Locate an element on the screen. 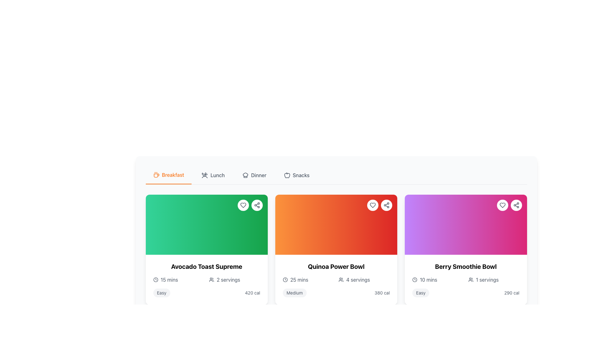  informational display containing '10 mins' and '1 servings' text below the 'Berry Smoothie Bowl' title is located at coordinates (466, 279).